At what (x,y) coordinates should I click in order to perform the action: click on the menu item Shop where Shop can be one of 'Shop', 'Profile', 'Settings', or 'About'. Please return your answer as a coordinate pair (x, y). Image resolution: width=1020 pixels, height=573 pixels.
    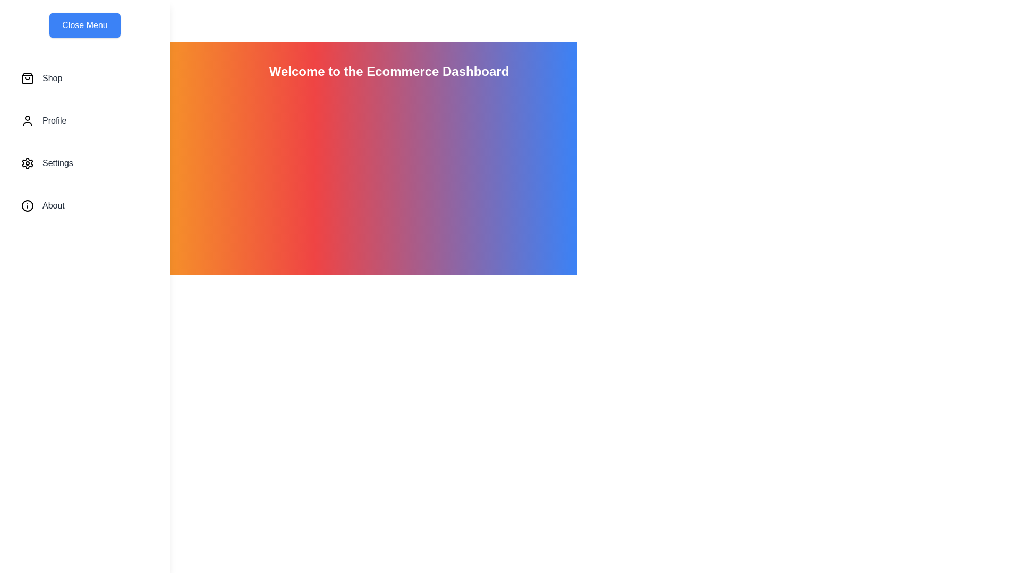
    Looking at the image, I should click on (84, 77).